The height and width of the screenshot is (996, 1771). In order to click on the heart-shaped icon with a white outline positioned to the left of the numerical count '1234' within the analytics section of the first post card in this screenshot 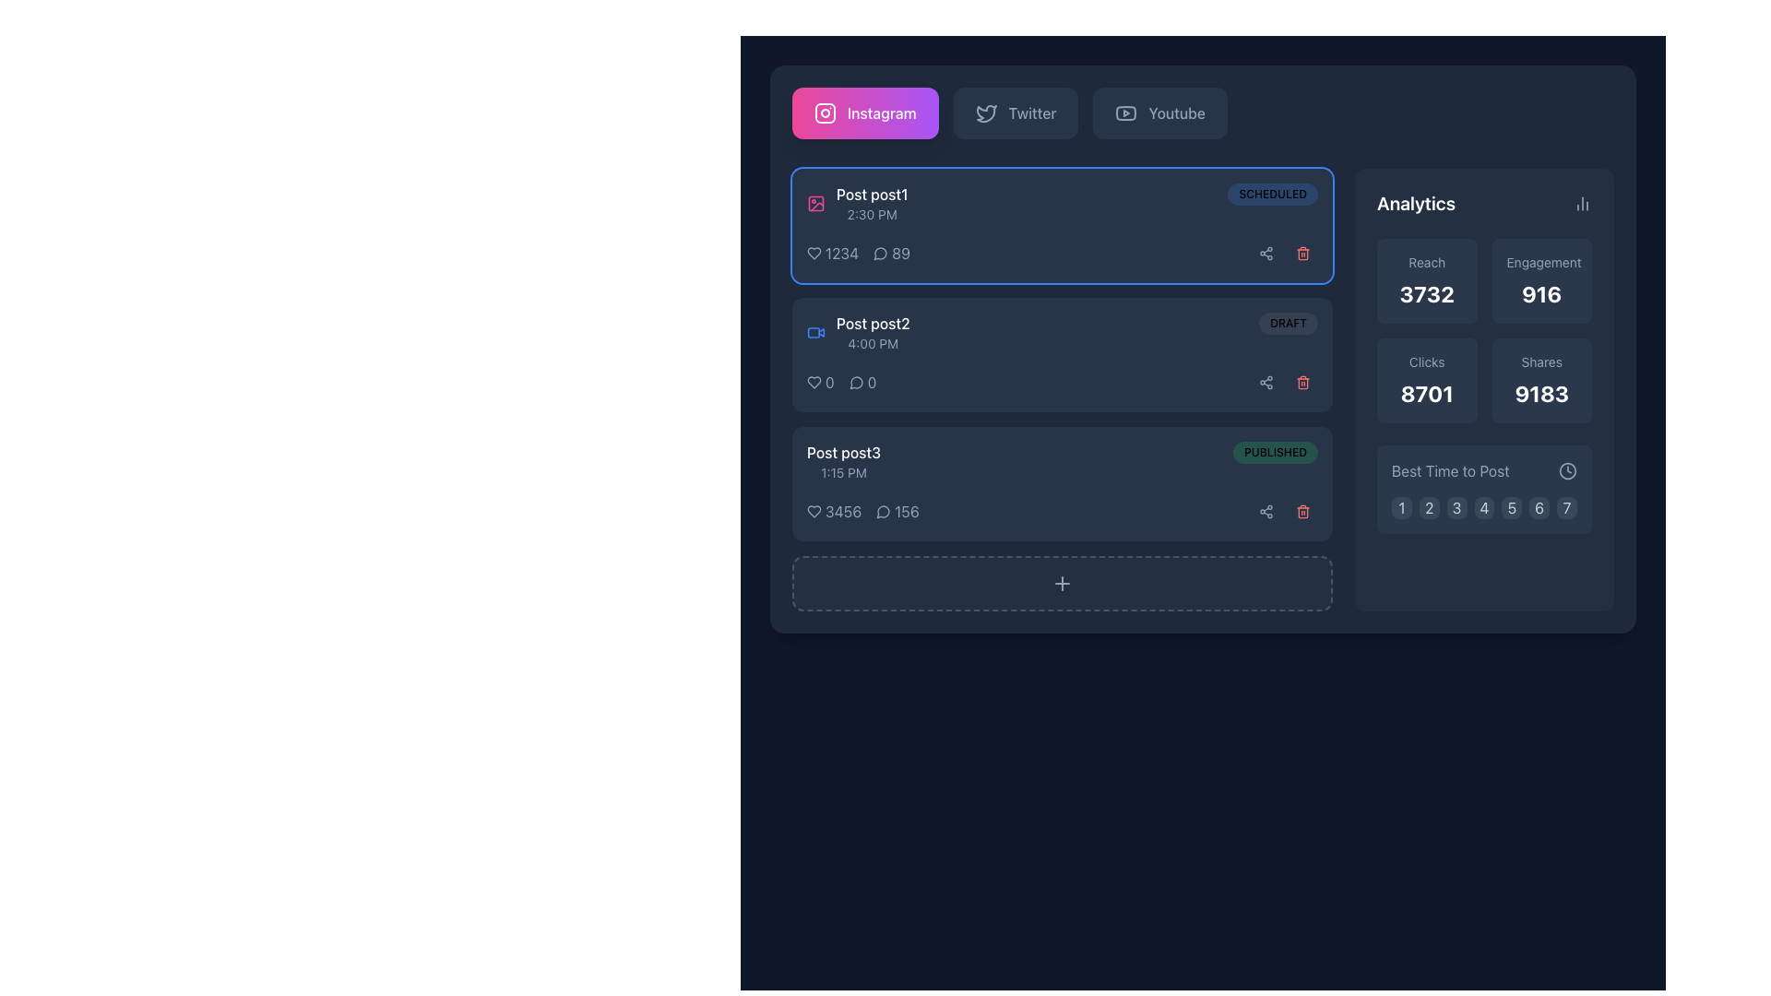, I will do `click(814, 382)`.